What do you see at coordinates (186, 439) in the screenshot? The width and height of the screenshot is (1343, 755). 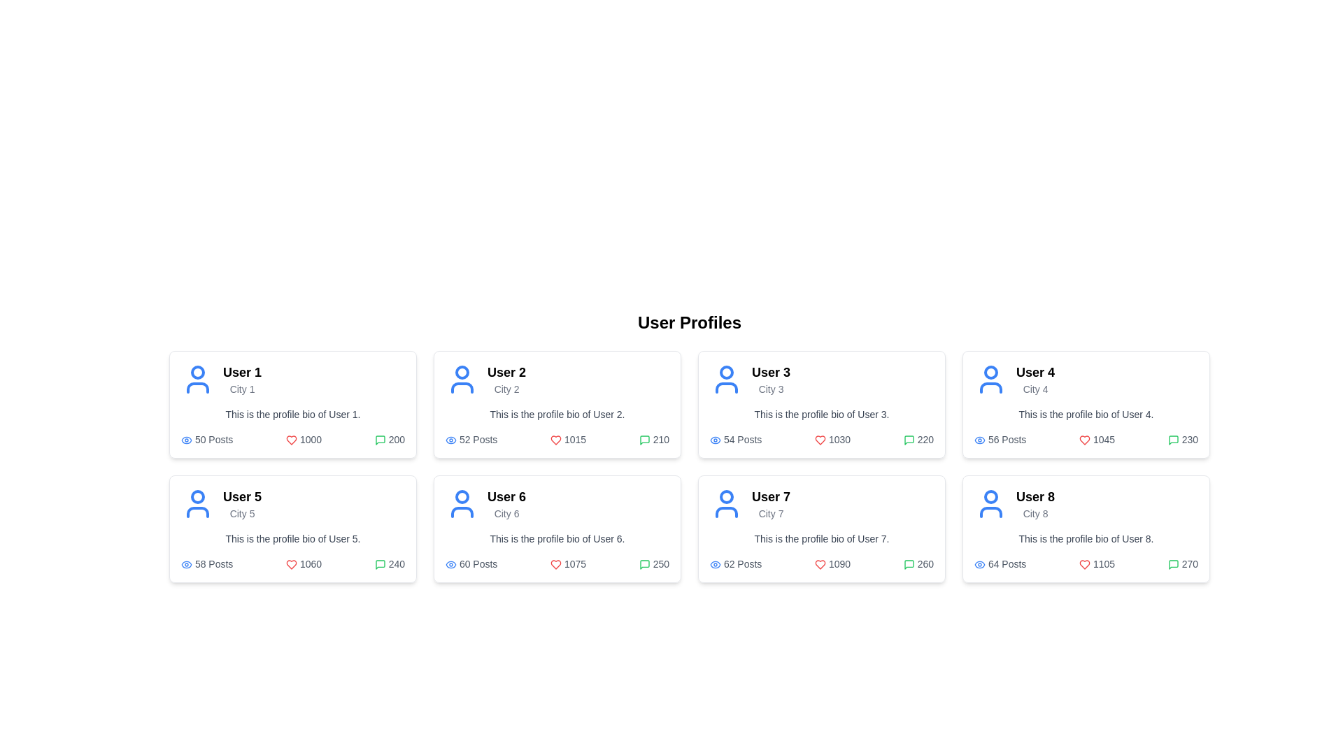 I see `SVG details of the 'eye' icon located in the 'User 5' profile card, which is positioned in the second row, first column of the user grid layout` at bounding box center [186, 439].